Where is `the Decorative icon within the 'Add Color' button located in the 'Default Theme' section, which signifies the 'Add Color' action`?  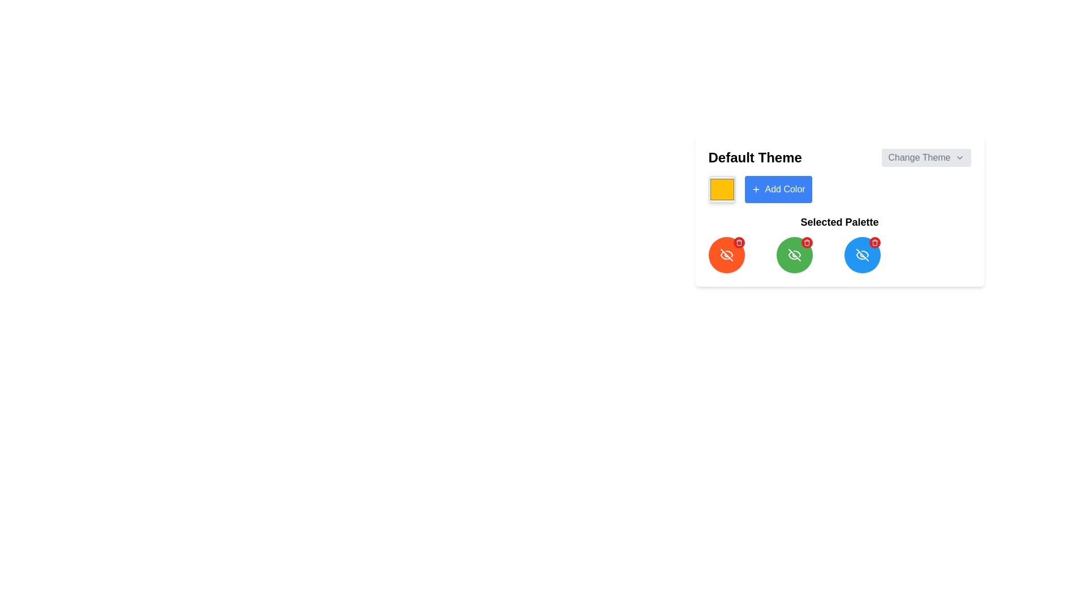
the Decorative icon within the 'Add Color' button located in the 'Default Theme' section, which signifies the 'Add Color' action is located at coordinates (756, 189).